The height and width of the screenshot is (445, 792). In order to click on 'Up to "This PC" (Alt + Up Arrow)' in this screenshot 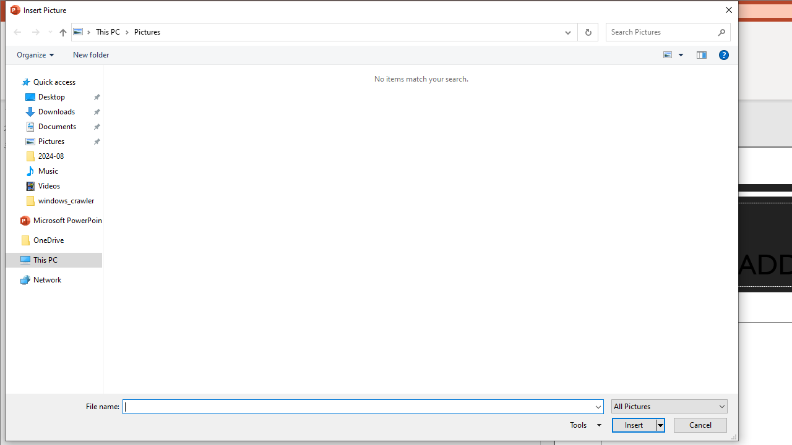, I will do `click(62, 32)`.